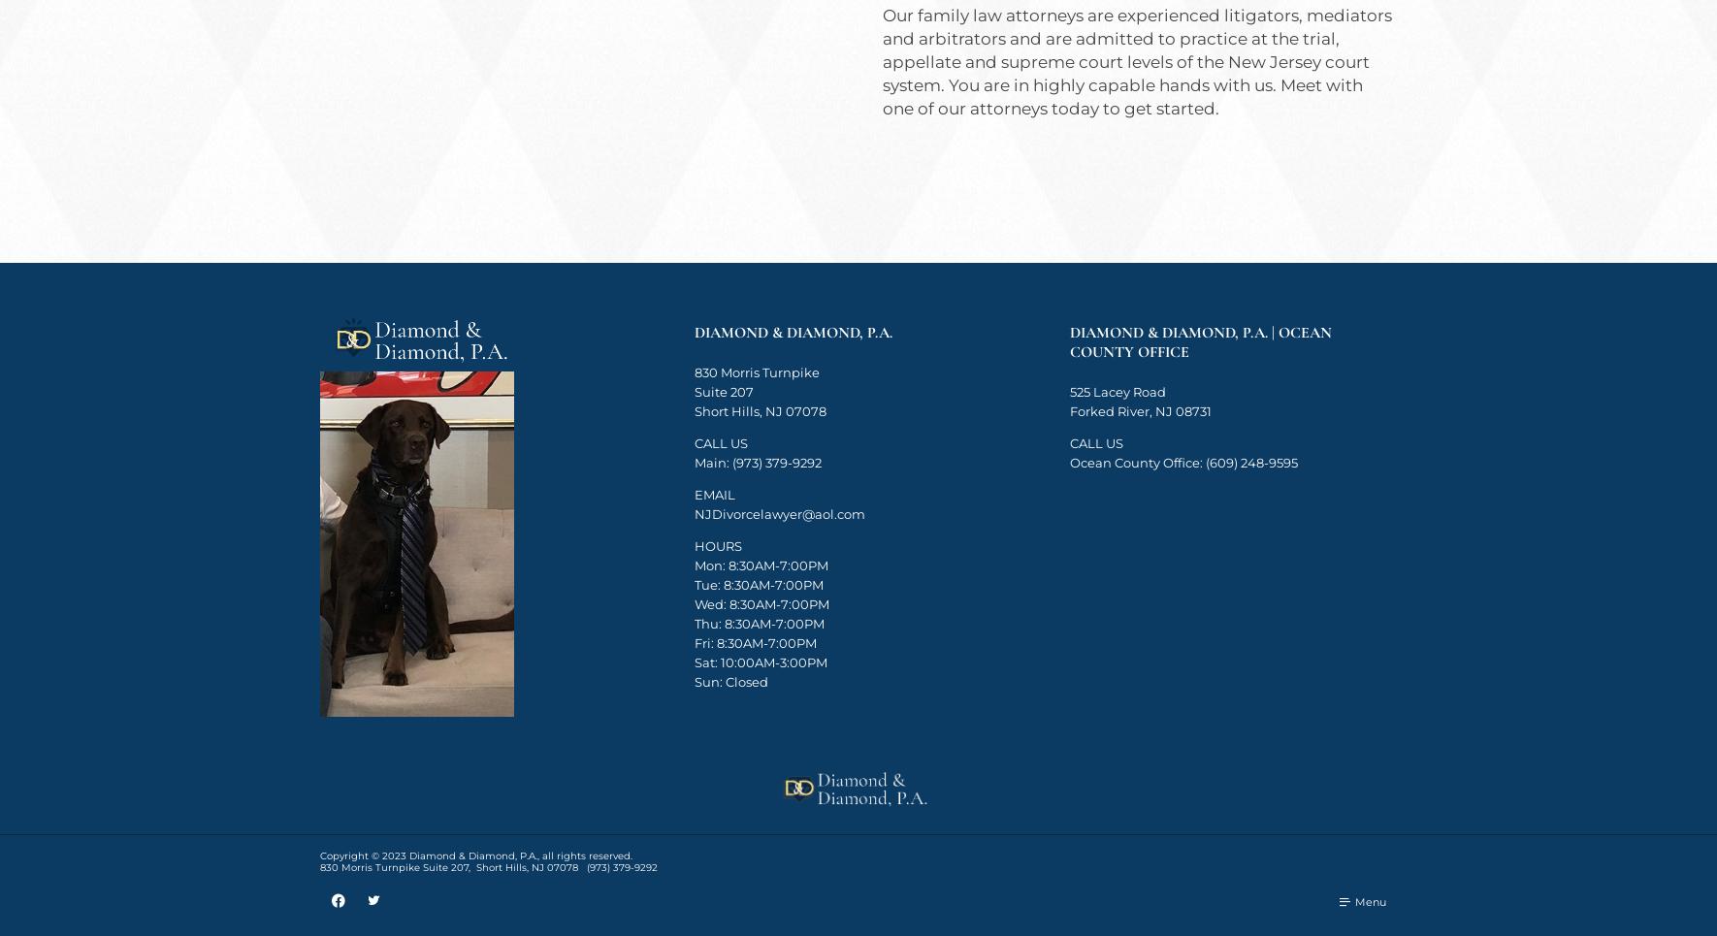 Image resolution: width=1717 pixels, height=936 pixels. Describe the element at coordinates (718, 545) in the screenshot. I see `'HOURS'` at that location.